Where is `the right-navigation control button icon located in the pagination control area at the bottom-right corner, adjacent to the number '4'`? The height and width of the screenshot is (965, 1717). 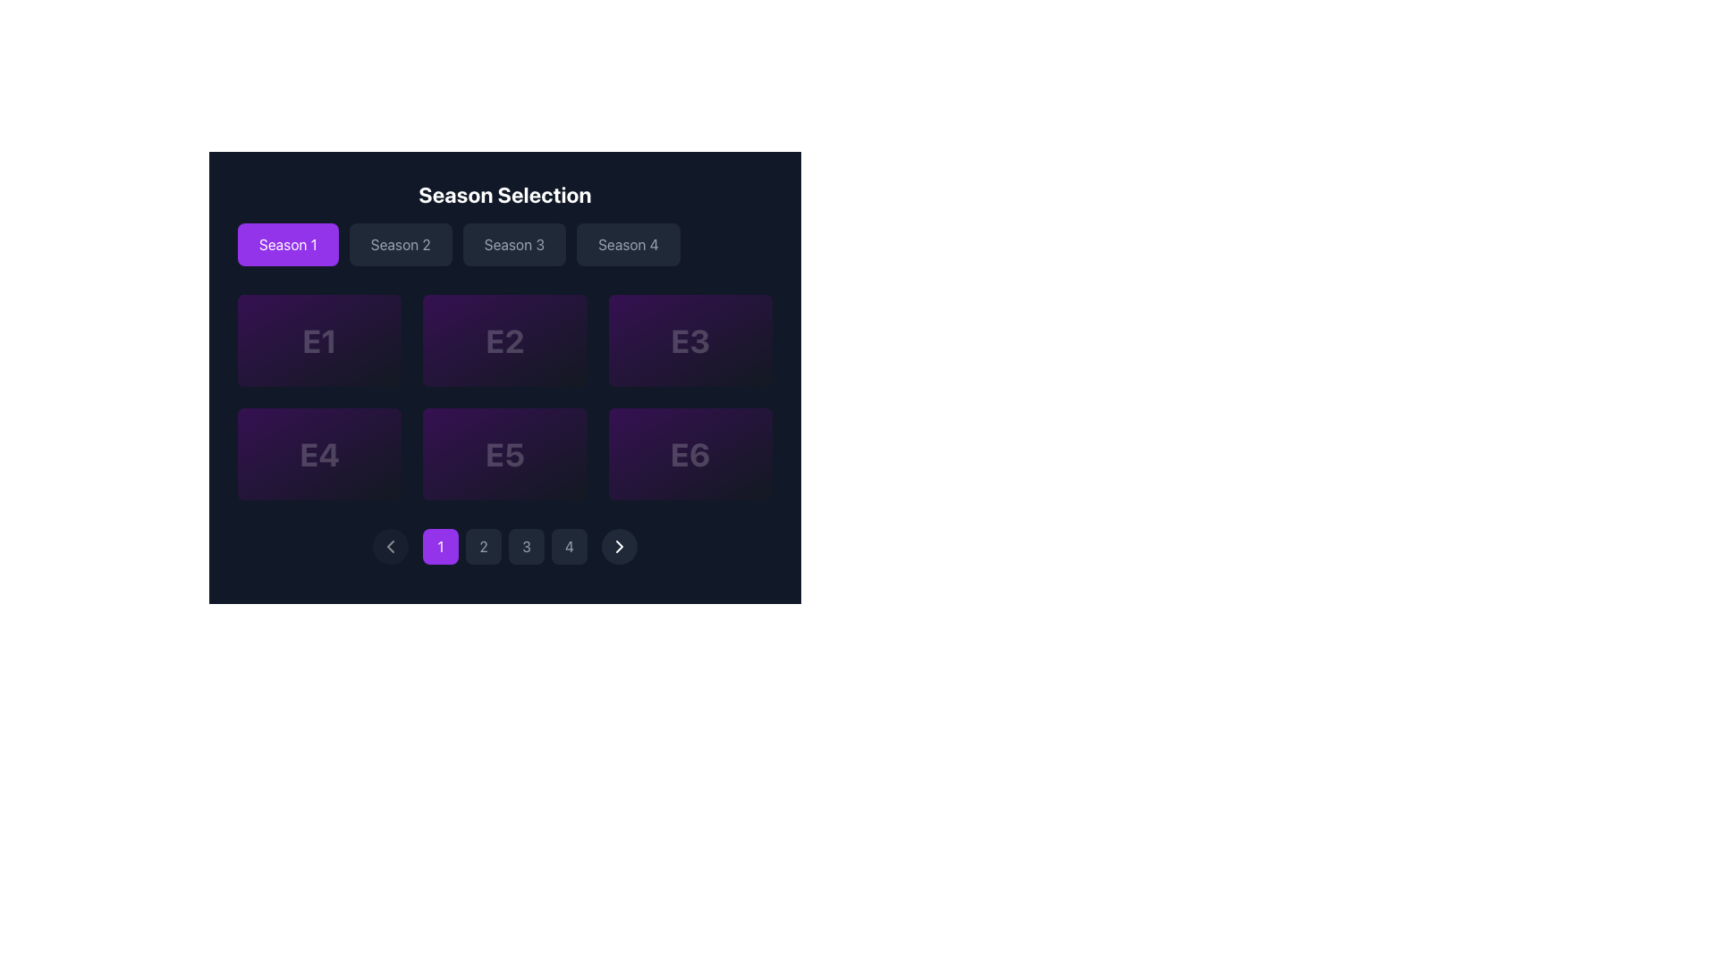 the right-navigation control button icon located in the pagination control area at the bottom-right corner, adjacent to the number '4' is located at coordinates (619, 546).